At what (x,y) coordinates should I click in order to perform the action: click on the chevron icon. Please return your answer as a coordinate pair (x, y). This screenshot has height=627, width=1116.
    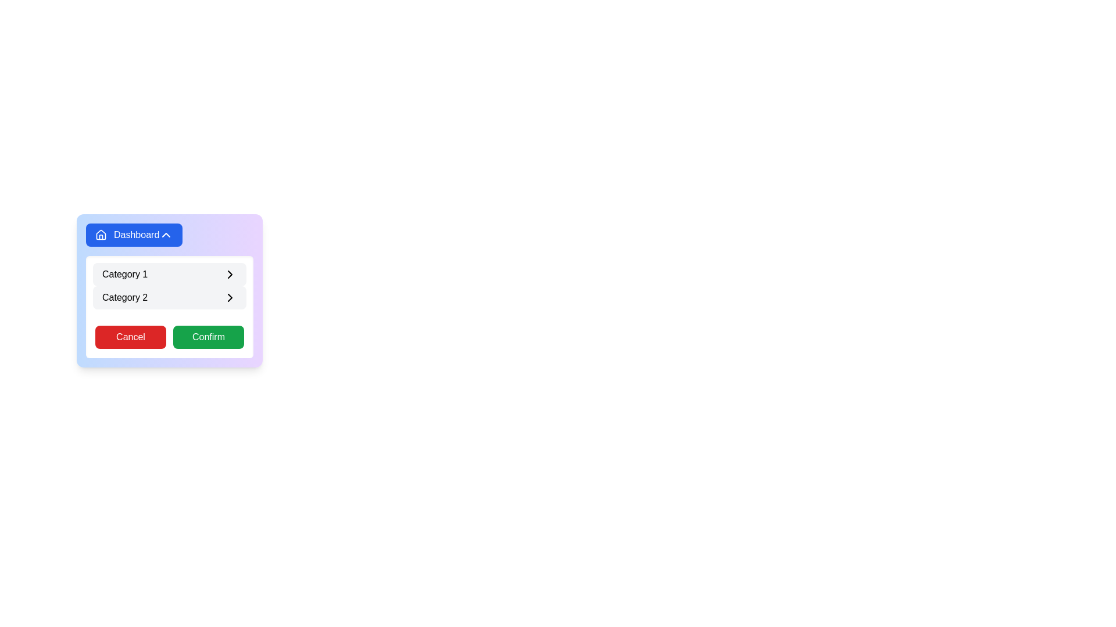
    Looking at the image, I should click on (166, 235).